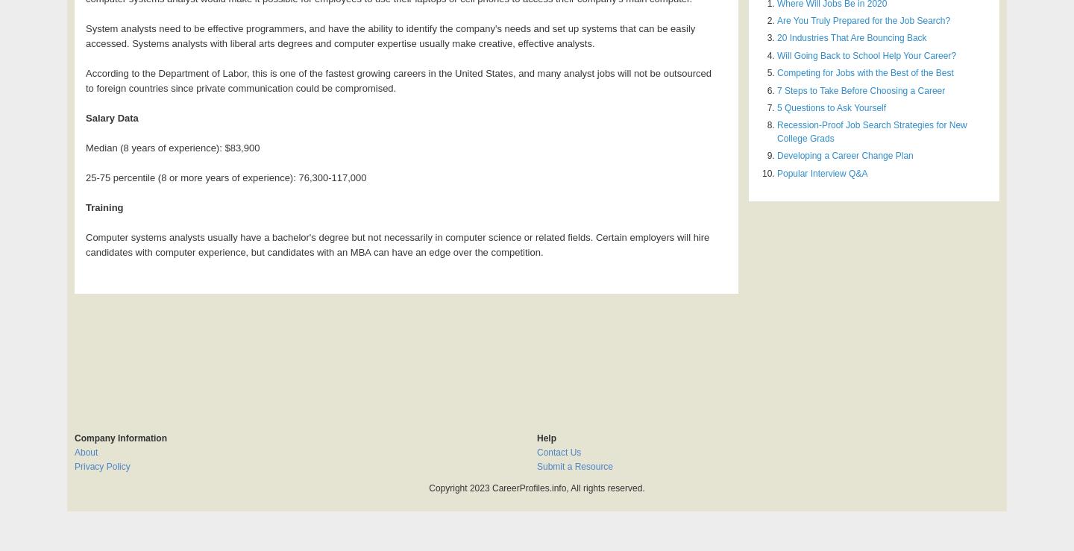 The image size is (1074, 551). Describe the element at coordinates (871, 131) in the screenshot. I see `'Recession-Proof Job Search Strategies for New College Grads'` at that location.